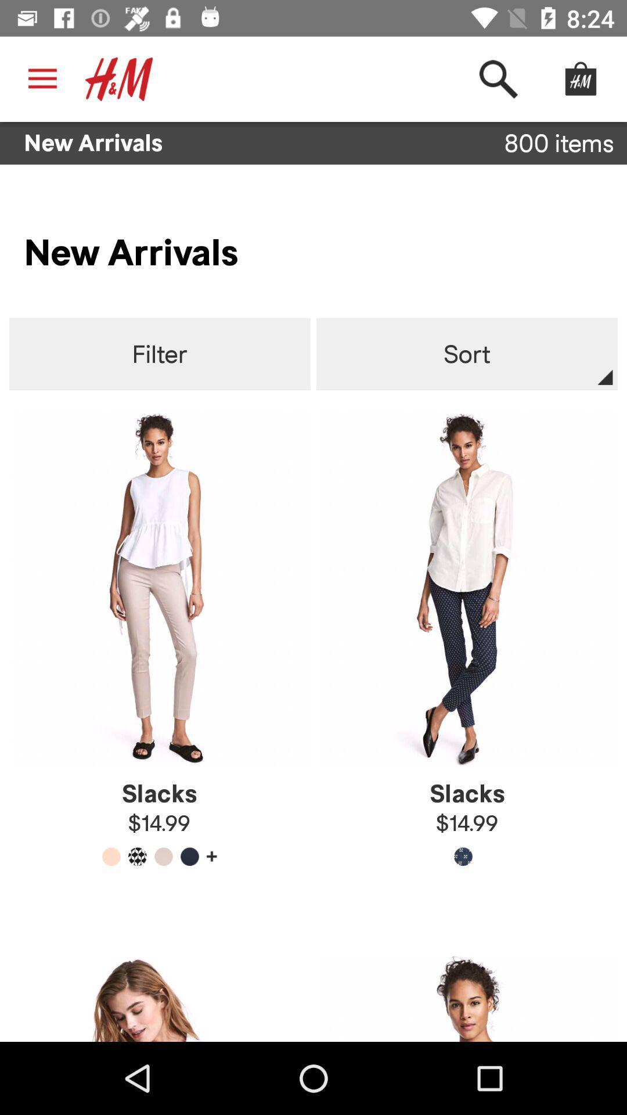 Image resolution: width=627 pixels, height=1115 pixels. Describe the element at coordinates (498, 78) in the screenshot. I see `the item above new arrivals` at that location.